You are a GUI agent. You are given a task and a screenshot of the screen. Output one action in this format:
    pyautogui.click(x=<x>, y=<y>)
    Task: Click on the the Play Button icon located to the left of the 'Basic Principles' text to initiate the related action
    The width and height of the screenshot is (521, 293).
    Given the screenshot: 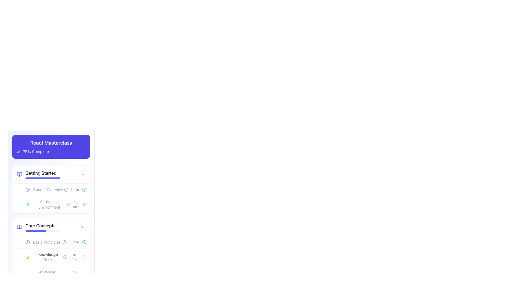 What is the action you would take?
    pyautogui.click(x=27, y=242)
    